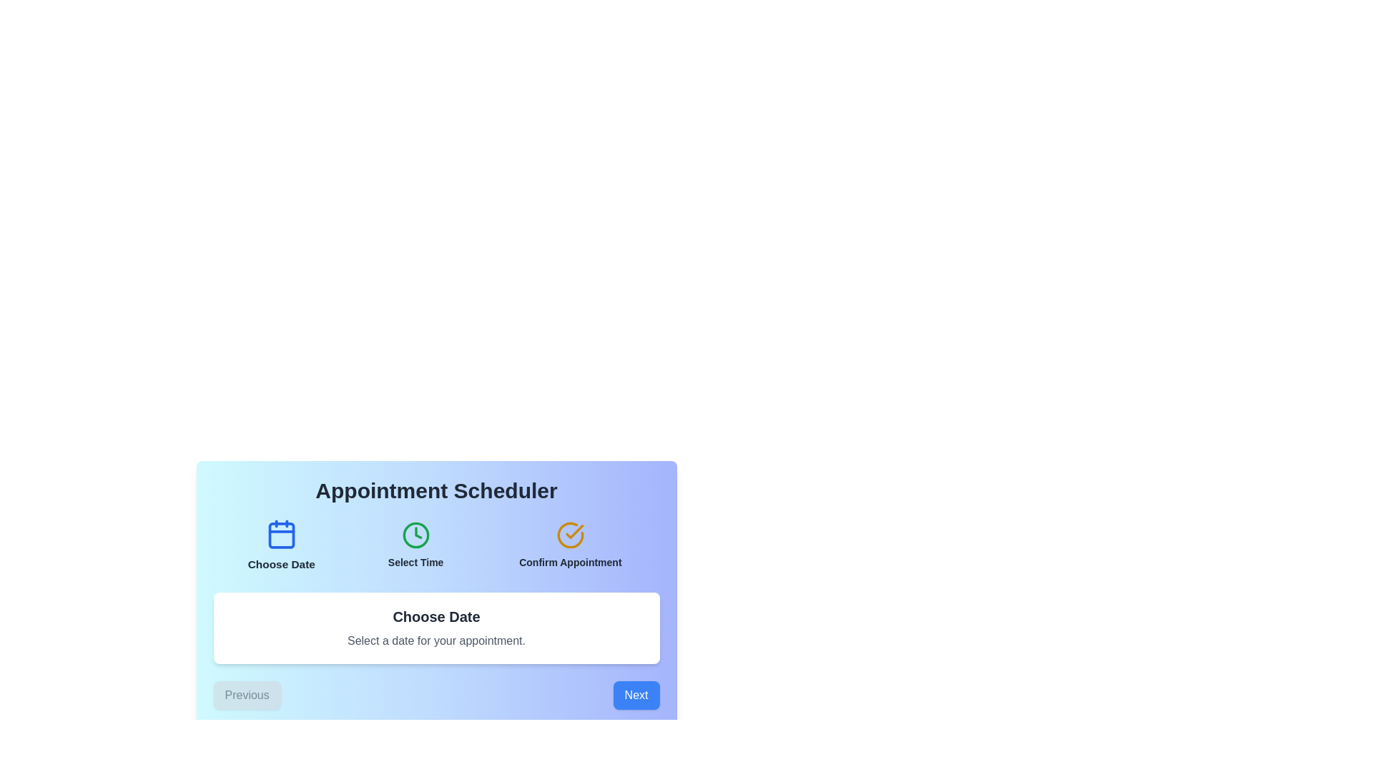  What do you see at coordinates (569, 545) in the screenshot?
I see `the step button corresponding to Confirm Appointment to display its description` at bounding box center [569, 545].